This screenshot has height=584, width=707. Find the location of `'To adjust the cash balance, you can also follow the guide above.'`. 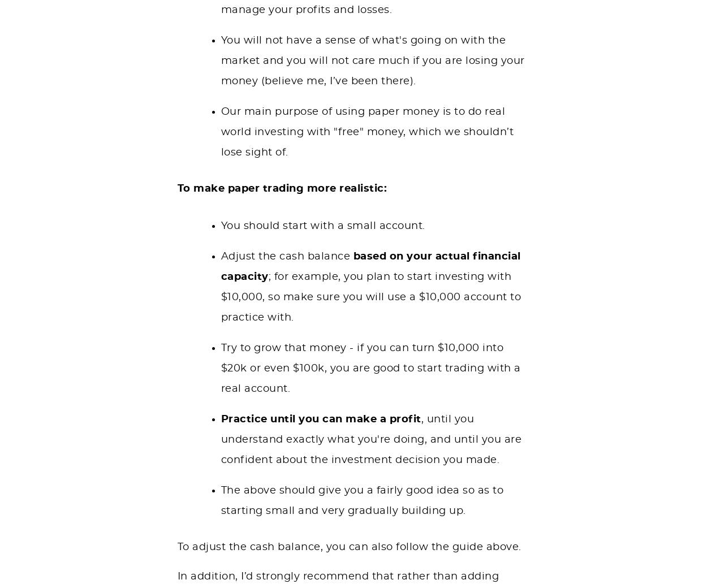

'To adjust the cash balance, you can also follow the guide above.' is located at coordinates (348, 546).